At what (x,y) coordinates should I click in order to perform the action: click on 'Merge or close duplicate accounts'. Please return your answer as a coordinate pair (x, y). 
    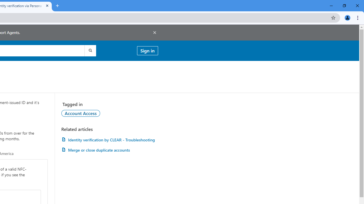
    Looking at the image, I should click on (109, 150).